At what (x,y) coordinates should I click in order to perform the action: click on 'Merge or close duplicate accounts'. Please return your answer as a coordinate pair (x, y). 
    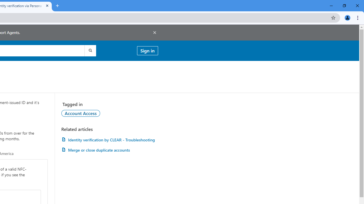
    Looking at the image, I should click on (109, 150).